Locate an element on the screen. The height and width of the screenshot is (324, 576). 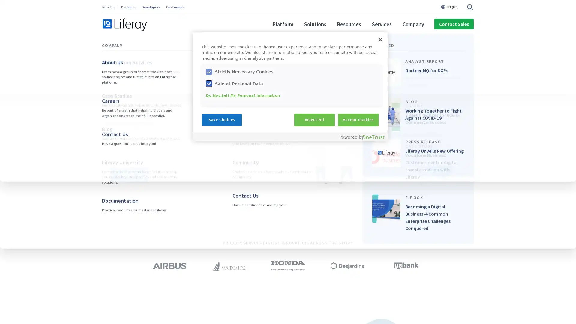
Save Choices is located at coordinates (221, 119).